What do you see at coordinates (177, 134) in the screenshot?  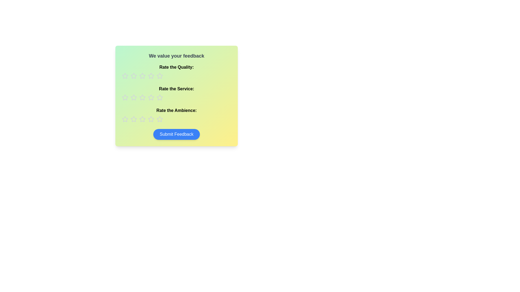 I see `the 'Submit Feedback' button located at the bottom center of the pastel gradient card` at bounding box center [177, 134].